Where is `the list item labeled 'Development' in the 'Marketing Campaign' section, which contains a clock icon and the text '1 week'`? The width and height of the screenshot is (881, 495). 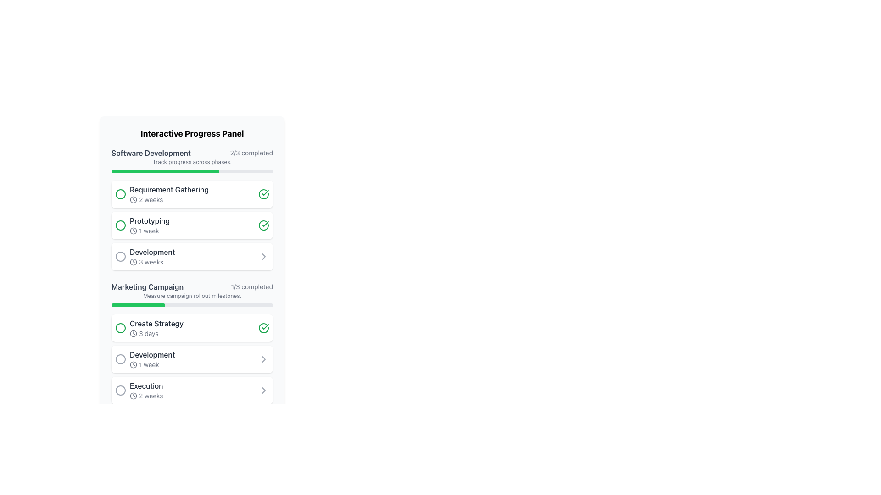 the list item labeled 'Development' in the 'Marketing Campaign' section, which contains a clock icon and the text '1 week' is located at coordinates (152, 358).